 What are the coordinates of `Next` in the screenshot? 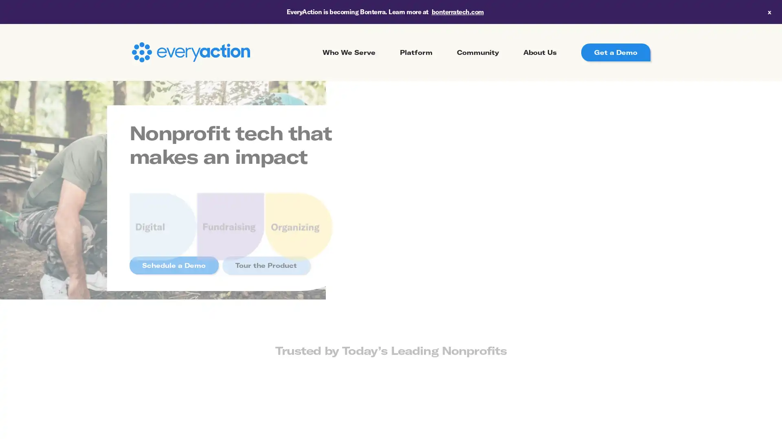 It's located at (613, 393).